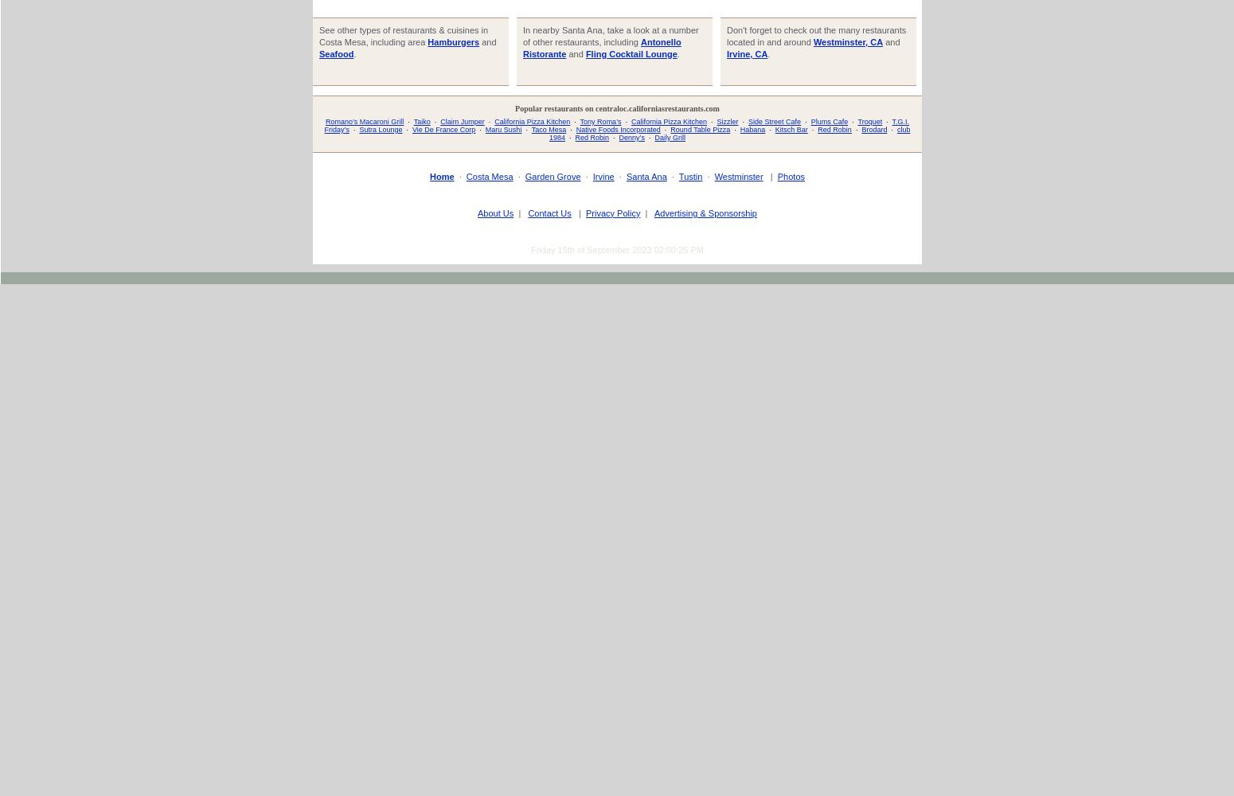  What do you see at coordinates (726, 35) in the screenshot?
I see `'Don't forget to check out the many restaurants located in and around'` at bounding box center [726, 35].